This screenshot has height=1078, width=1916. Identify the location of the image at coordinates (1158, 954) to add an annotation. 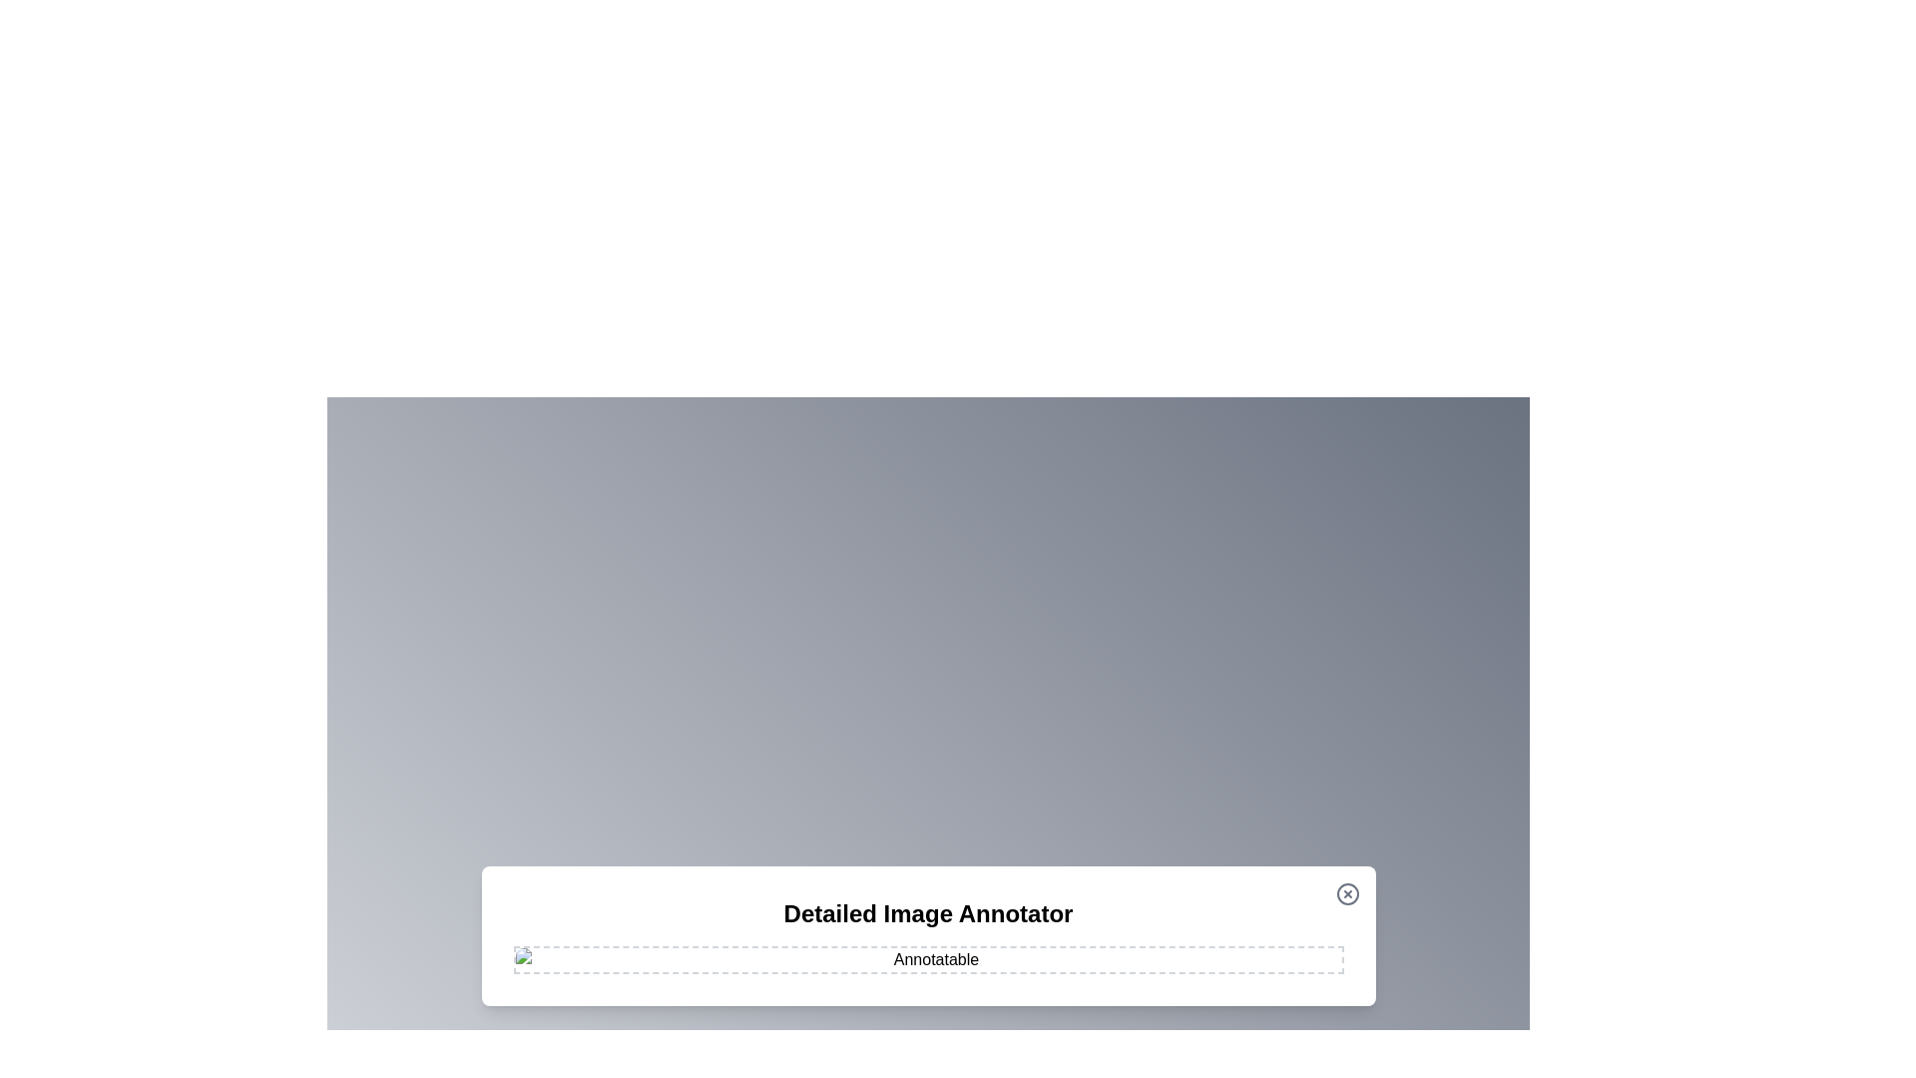
(1155, 950).